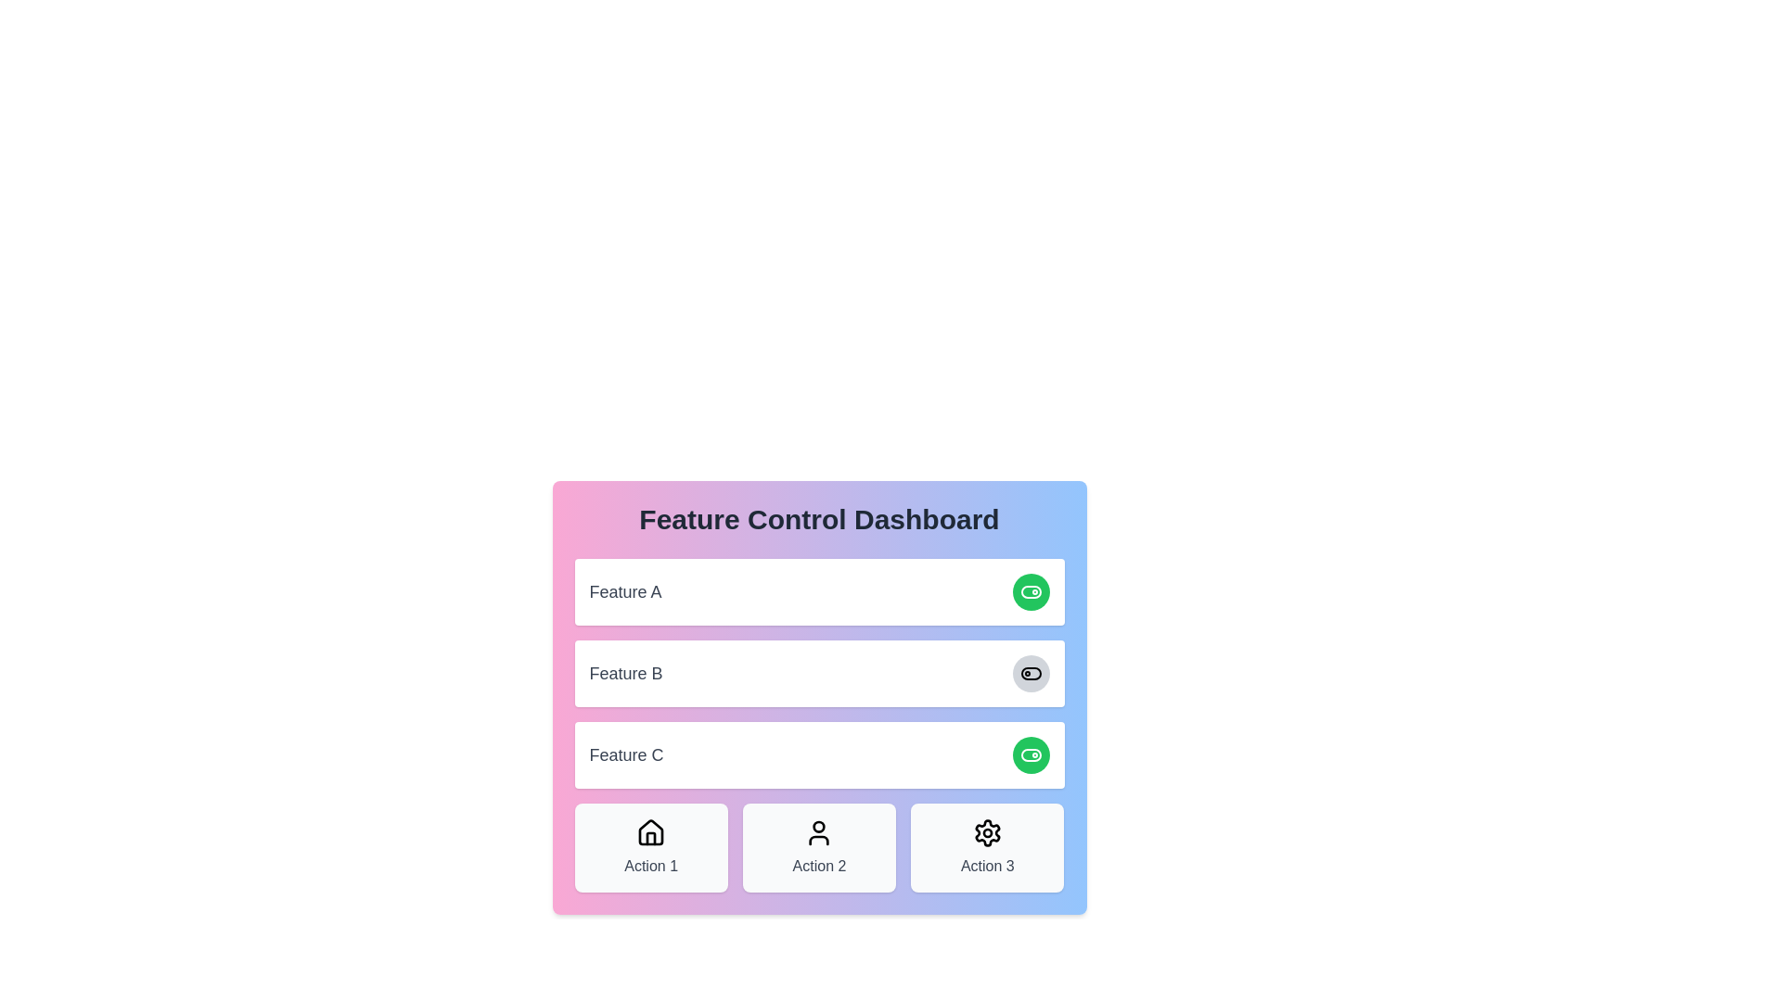 This screenshot has height=1001, width=1781. Describe the element at coordinates (986, 831) in the screenshot. I see `the gear icon located at the center of the bottom-right action button labeled 'Action 3'` at that location.